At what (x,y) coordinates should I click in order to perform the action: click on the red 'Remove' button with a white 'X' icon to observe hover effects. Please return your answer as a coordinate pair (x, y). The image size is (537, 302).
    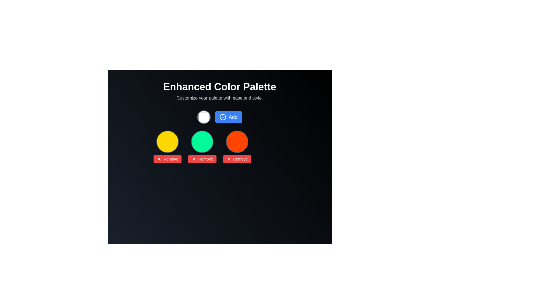
    Looking at the image, I should click on (167, 159).